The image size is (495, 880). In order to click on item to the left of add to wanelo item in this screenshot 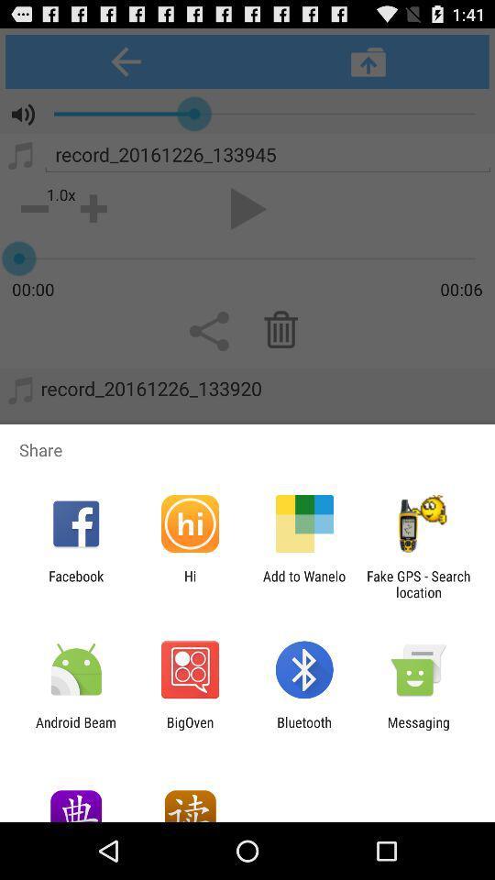, I will do `click(189, 583)`.